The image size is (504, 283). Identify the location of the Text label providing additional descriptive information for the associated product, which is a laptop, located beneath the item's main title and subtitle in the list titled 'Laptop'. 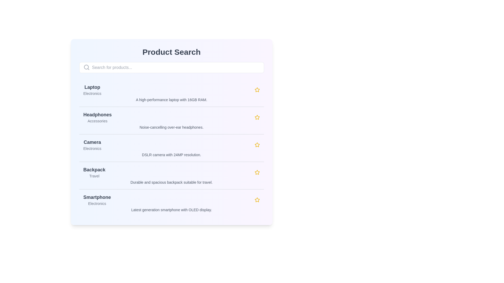
(171, 100).